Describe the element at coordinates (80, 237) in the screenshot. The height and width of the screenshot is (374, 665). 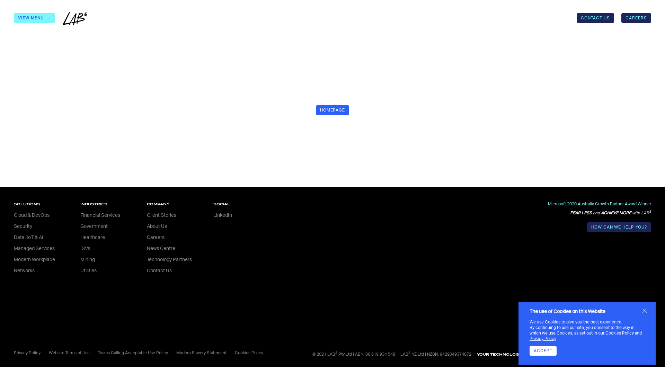
I see `'Healthcare'` at that location.